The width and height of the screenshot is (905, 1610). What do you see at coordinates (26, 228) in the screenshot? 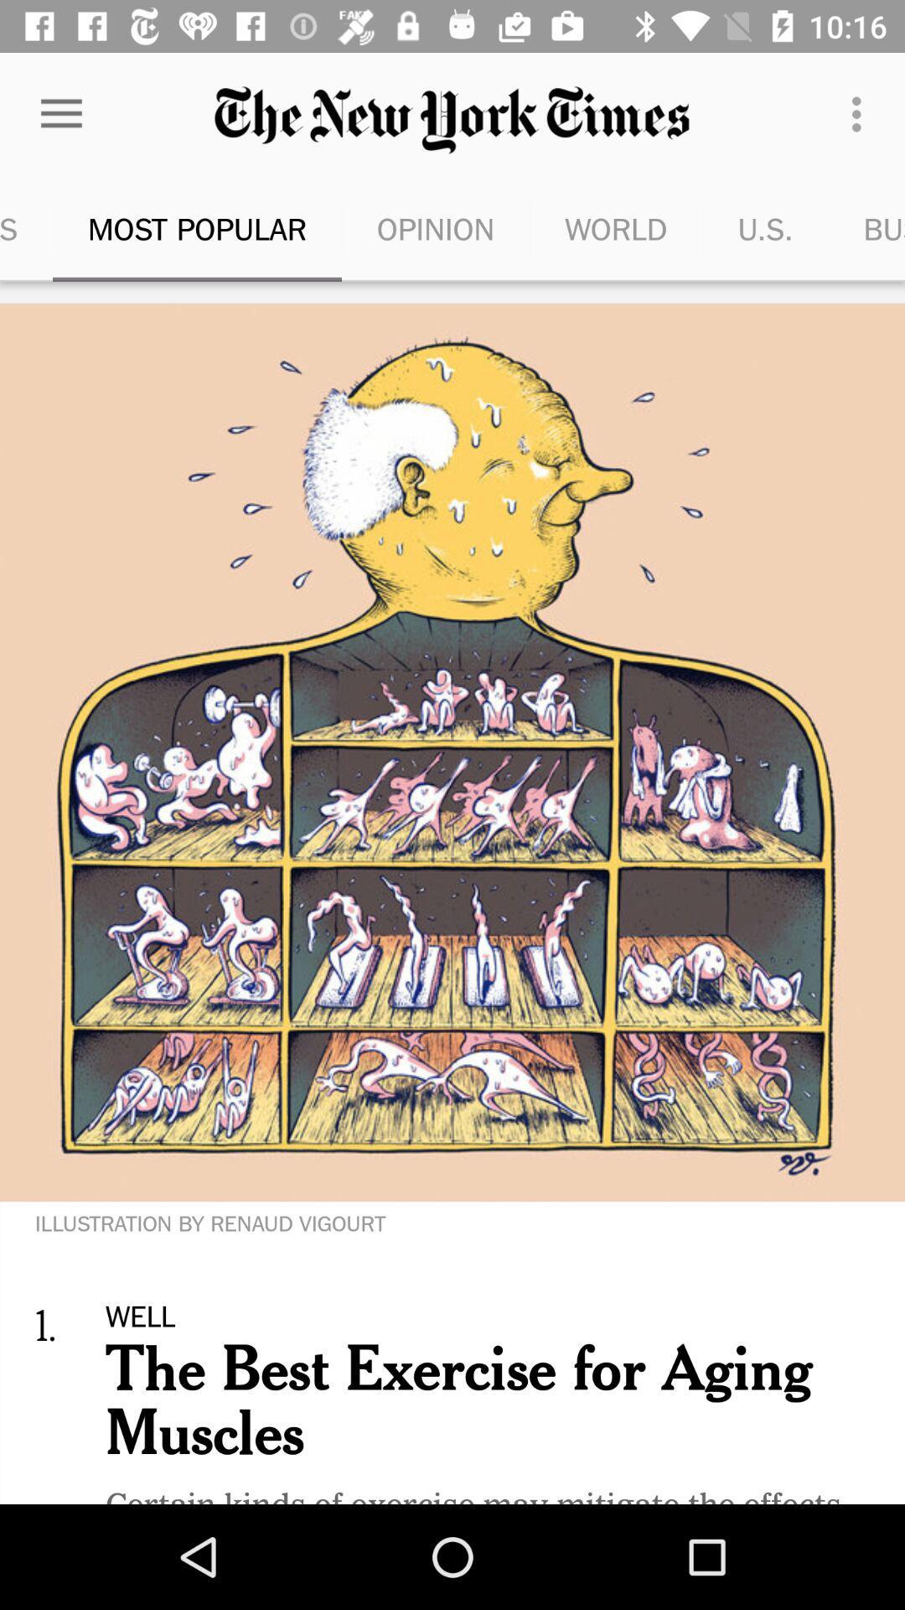
I see `top stories item` at bounding box center [26, 228].